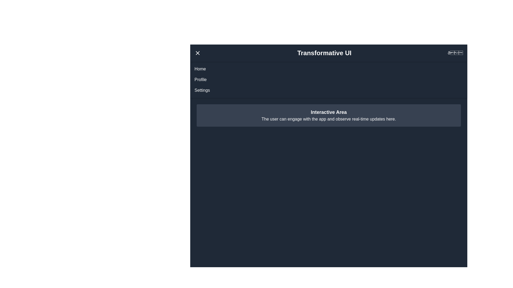 This screenshot has width=513, height=288. Describe the element at coordinates (324, 53) in the screenshot. I see `the title 'Transformative UI' located at the center of the top bar` at that location.